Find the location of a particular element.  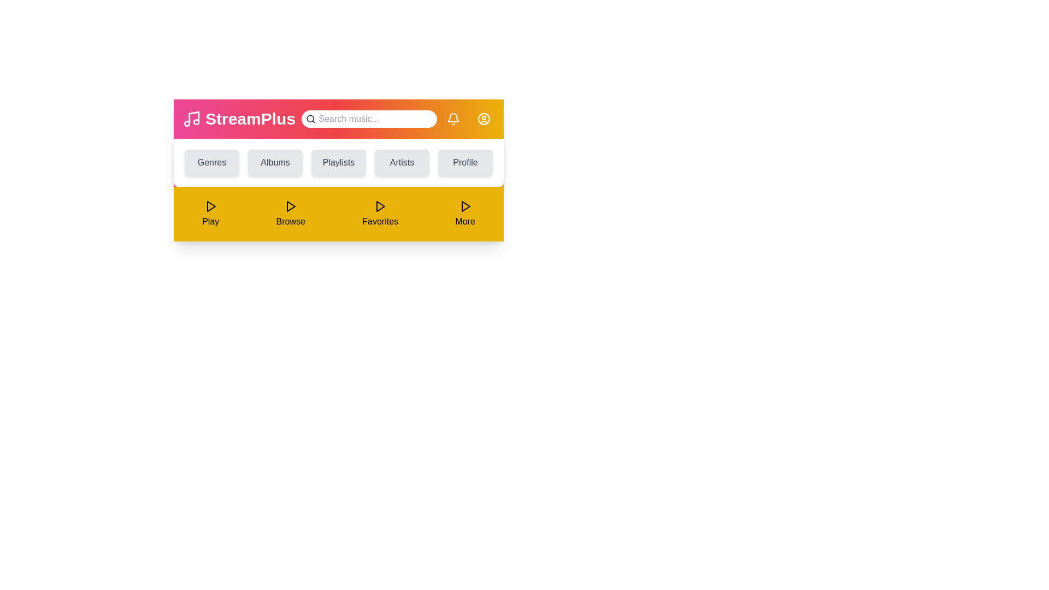

the user profile icon to access account options is located at coordinates (483, 119).